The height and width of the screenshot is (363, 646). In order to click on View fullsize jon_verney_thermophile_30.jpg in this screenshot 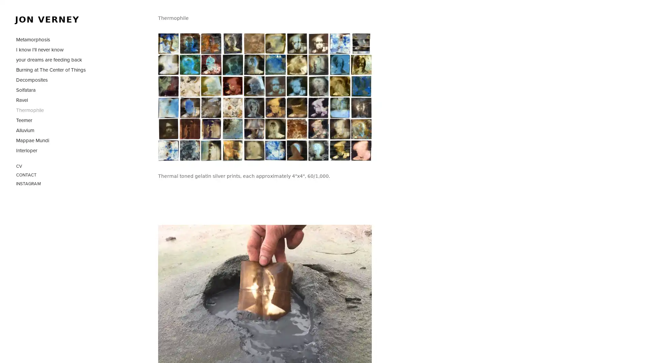, I will do `click(318, 129)`.